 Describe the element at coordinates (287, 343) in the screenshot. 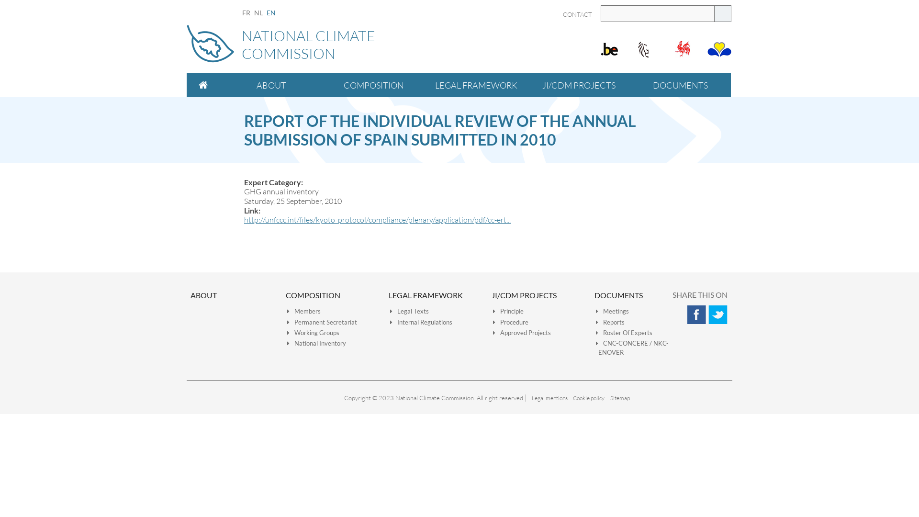

I see `'National Inventory'` at that location.